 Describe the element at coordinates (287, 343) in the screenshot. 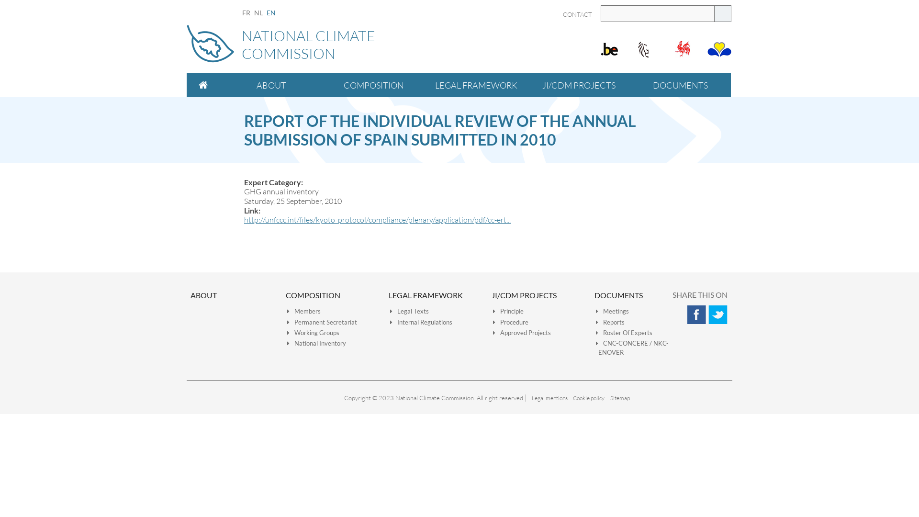

I see `'National Inventory'` at that location.